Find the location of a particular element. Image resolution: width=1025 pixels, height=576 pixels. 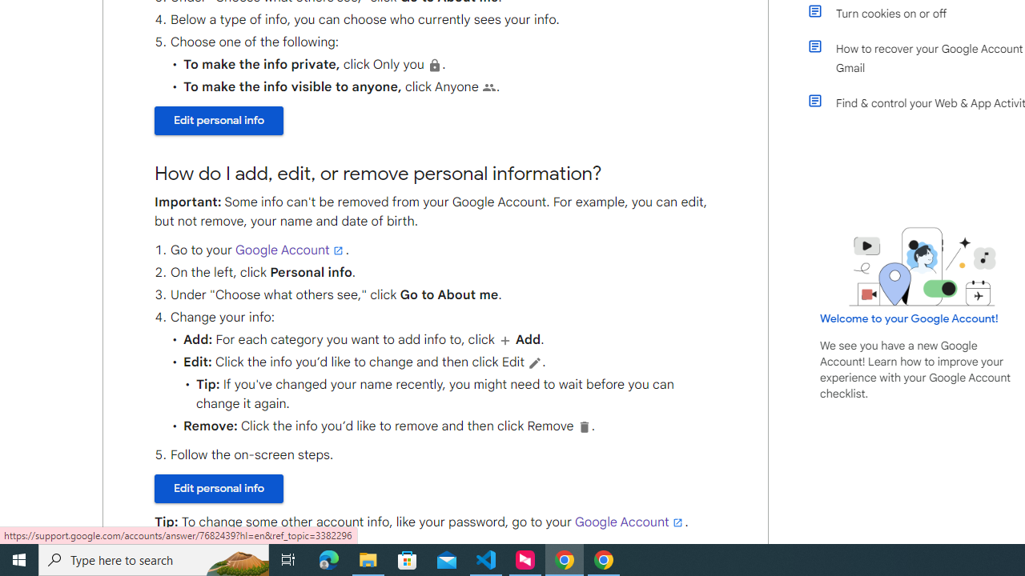

'Delete' is located at coordinates (582, 426).